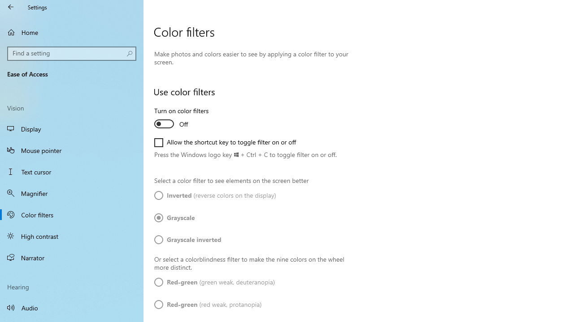 This screenshot has width=574, height=322. Describe the element at coordinates (187, 239) in the screenshot. I see `'Grayscale inverted'` at that location.